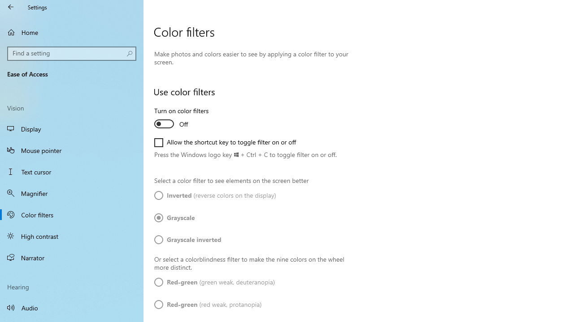 This screenshot has width=574, height=322. Describe the element at coordinates (187, 239) in the screenshot. I see `'Grayscale inverted'` at that location.